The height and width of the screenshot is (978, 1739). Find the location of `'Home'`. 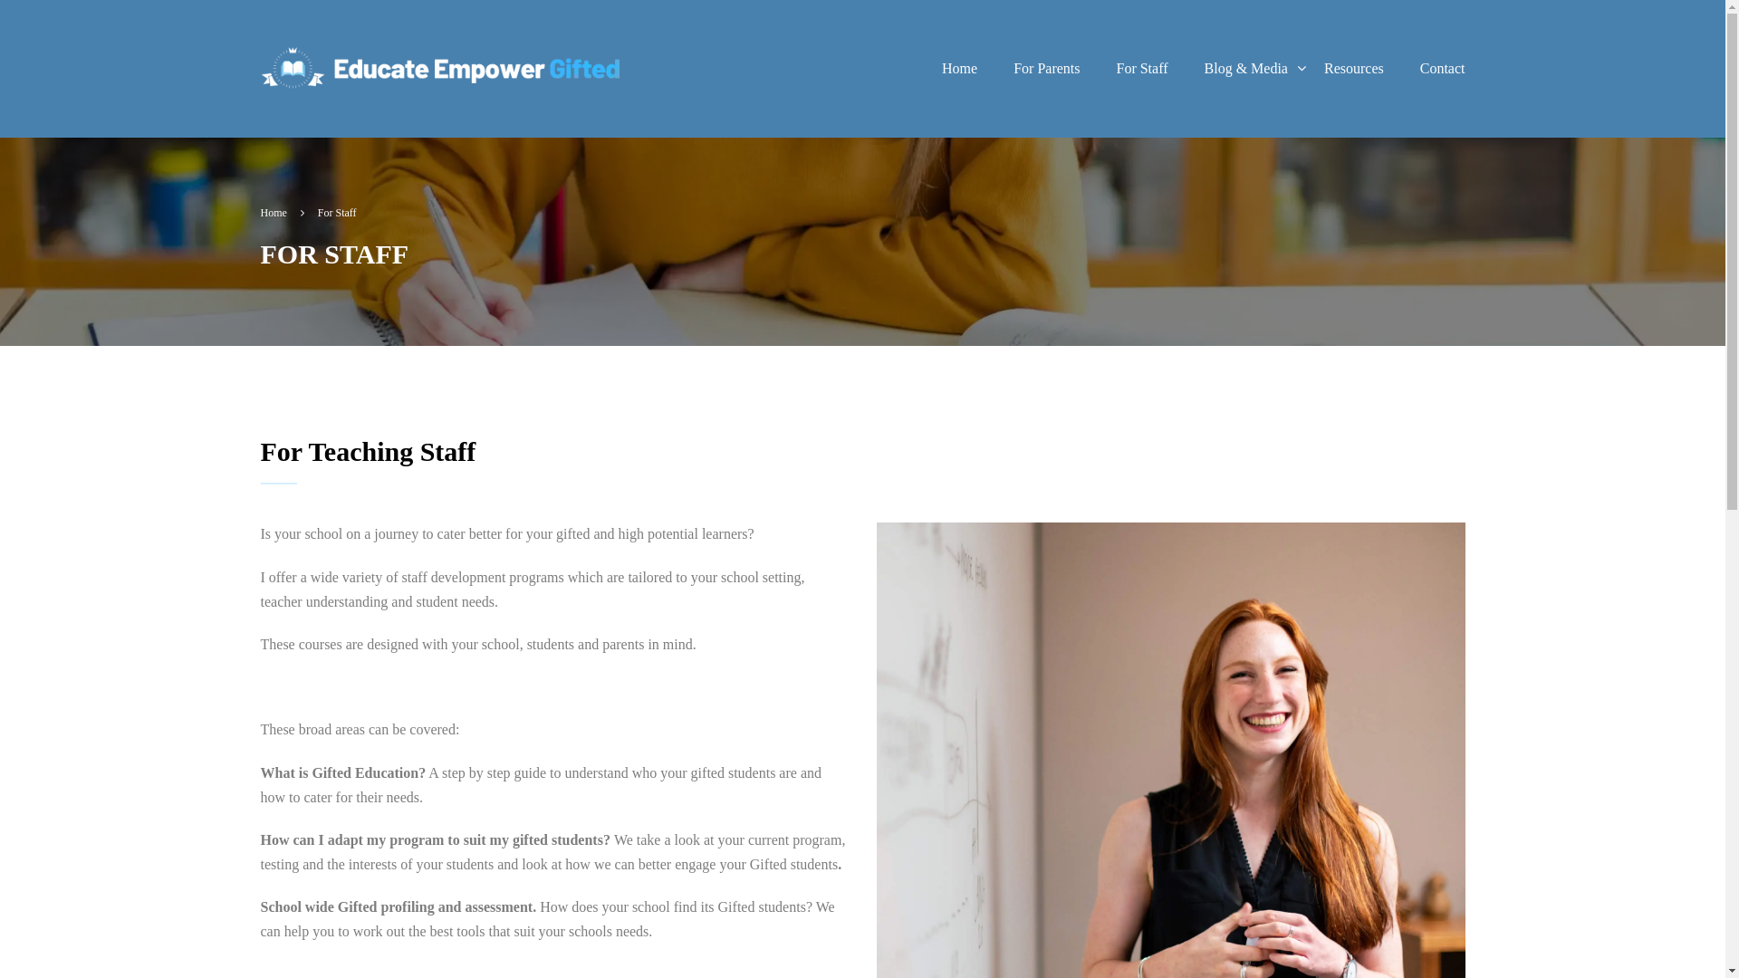

'Home' is located at coordinates (923, 68).